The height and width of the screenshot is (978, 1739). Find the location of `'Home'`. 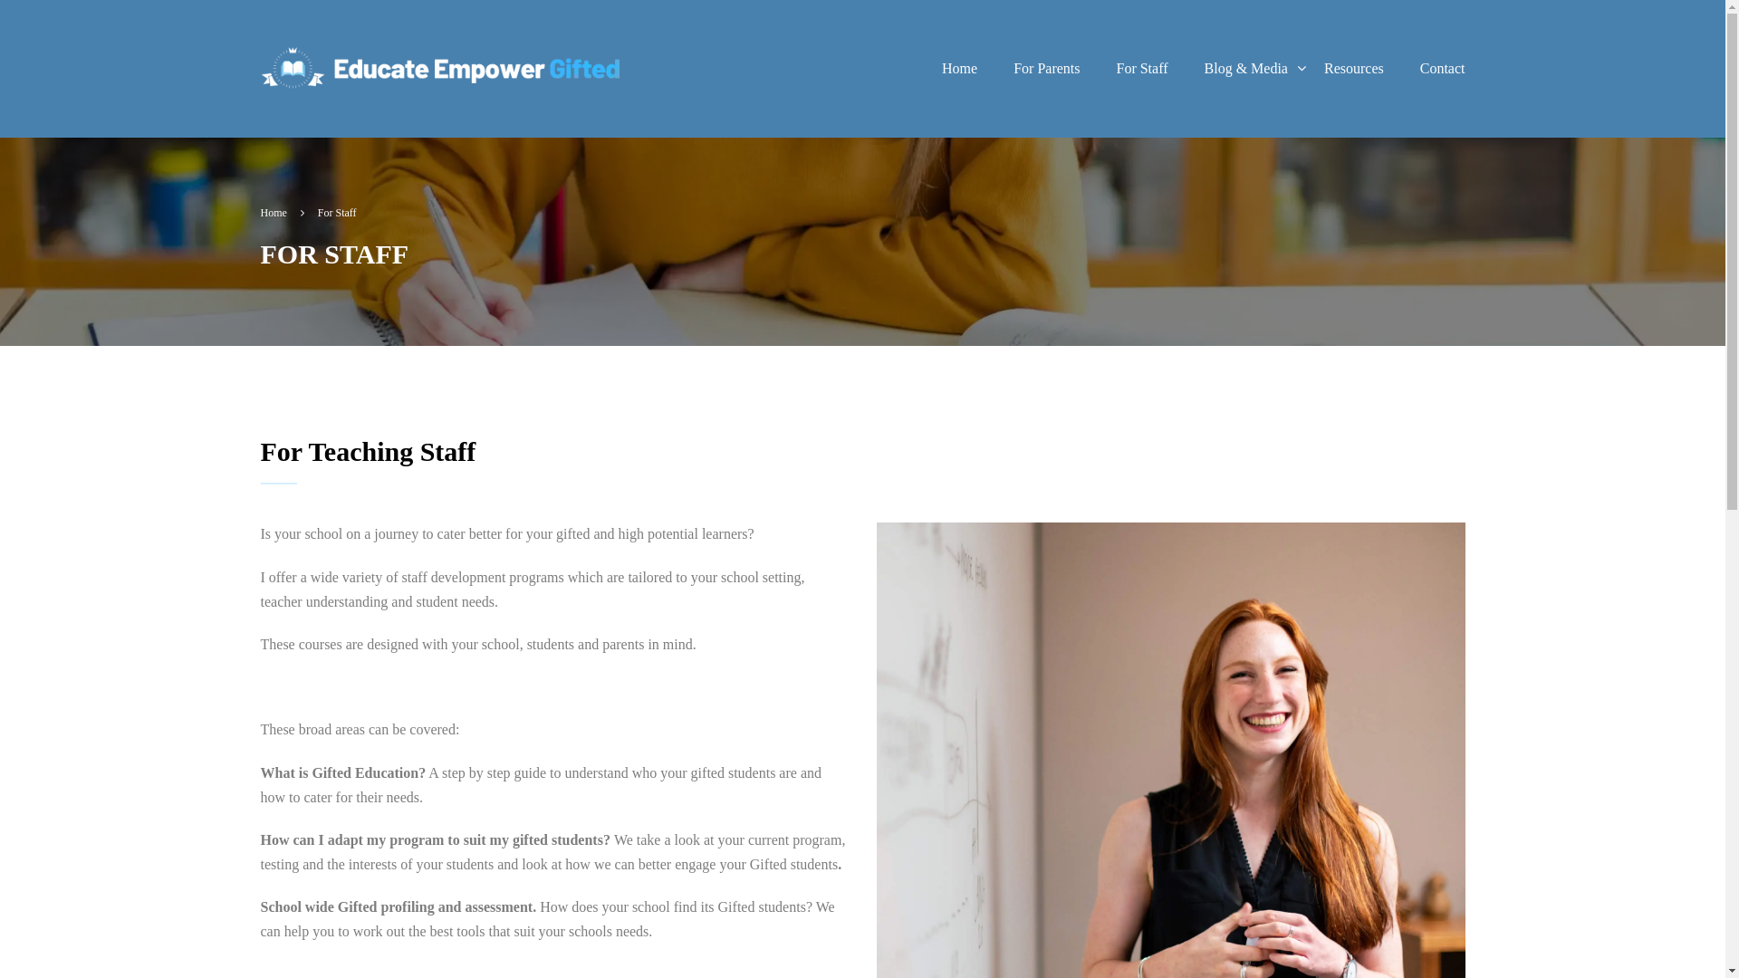

'Home' is located at coordinates (923, 68).